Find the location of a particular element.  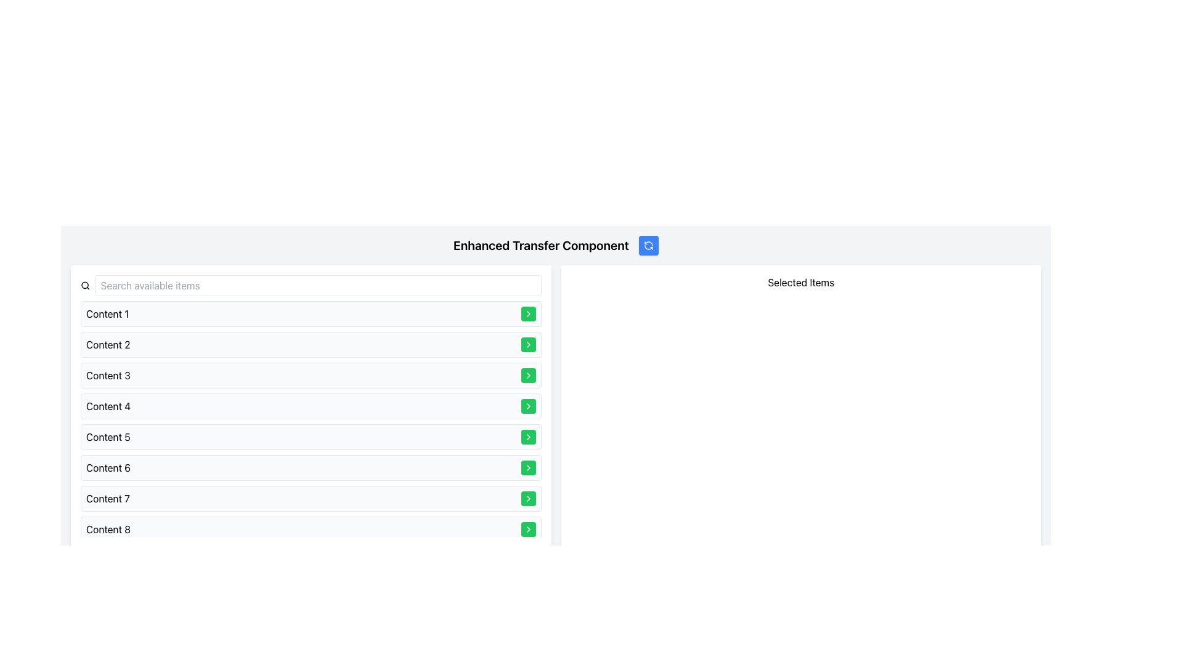

the chevron icon button with a green background and white outlined arrow located on the left side of the seventh list item is located at coordinates (528, 467).